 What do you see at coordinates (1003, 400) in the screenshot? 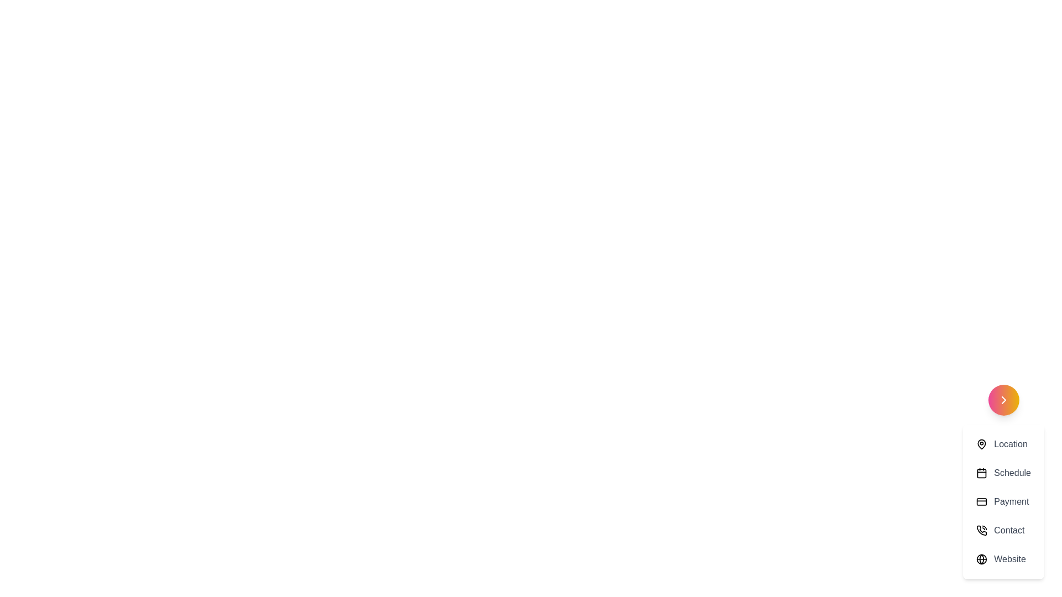
I see `main button to toggle the menu visibility` at bounding box center [1003, 400].